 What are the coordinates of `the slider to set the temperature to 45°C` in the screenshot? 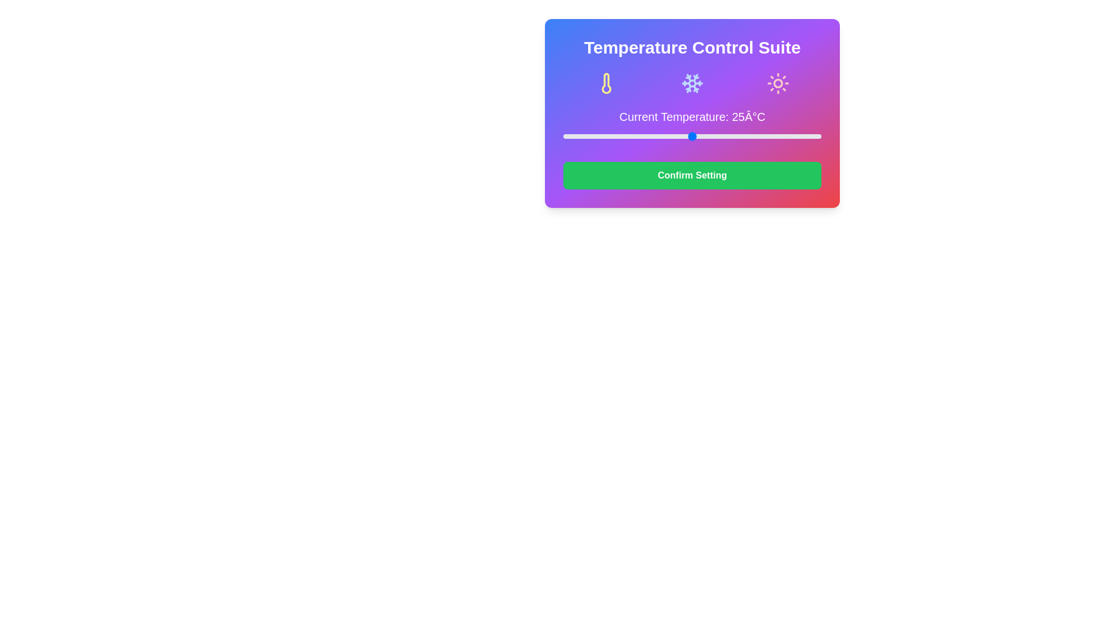 It's located at (795, 135).